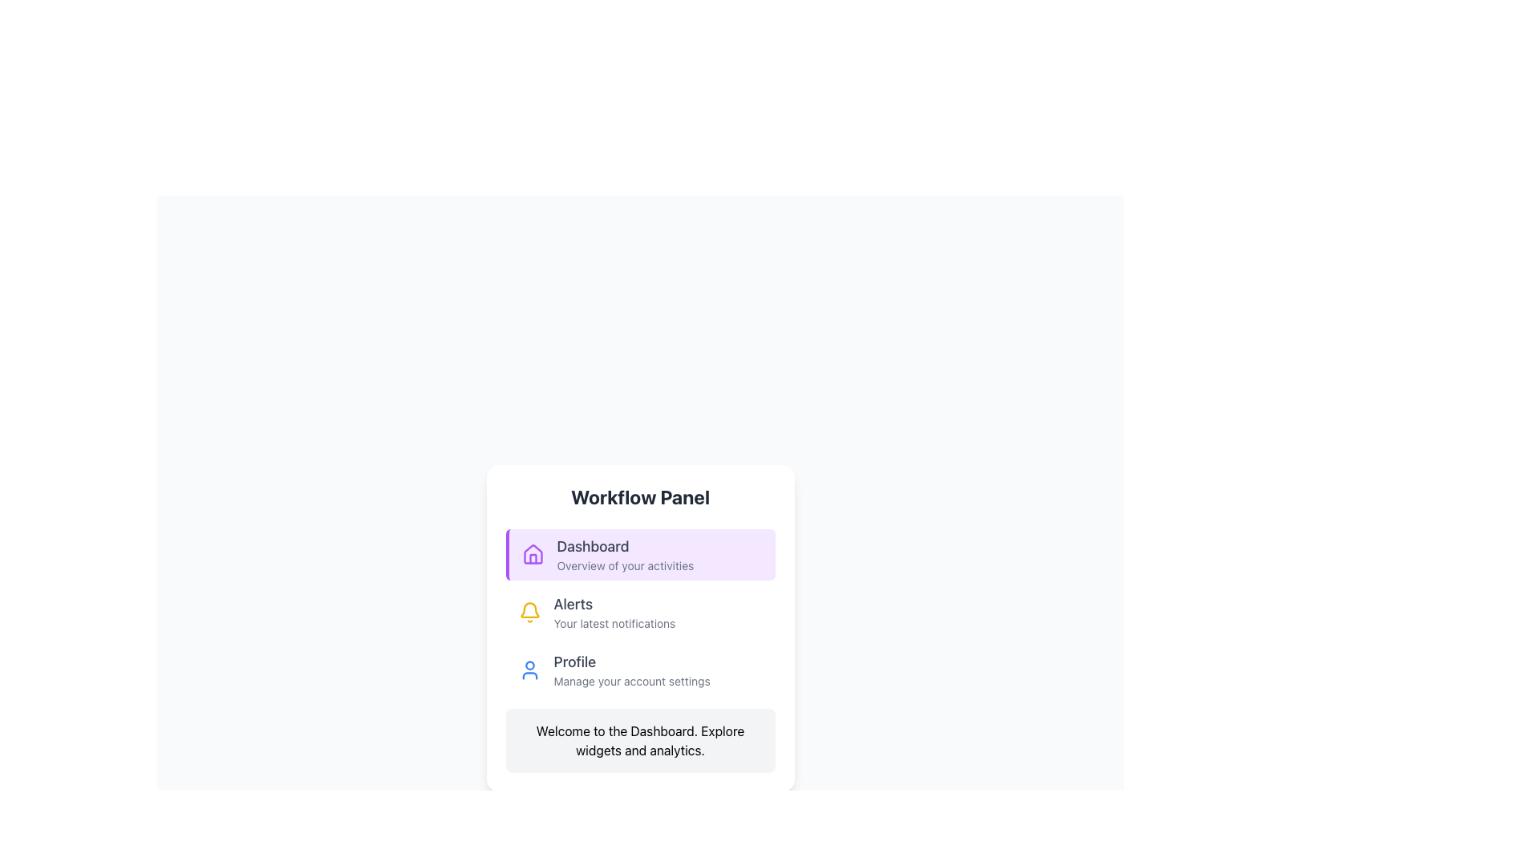 Image resolution: width=1540 pixels, height=866 pixels. What do you see at coordinates (624, 546) in the screenshot?
I see `the 'Dashboard' text label element, which is styled in gray and located in the sidebar under the 'Workflow Panel'` at bounding box center [624, 546].